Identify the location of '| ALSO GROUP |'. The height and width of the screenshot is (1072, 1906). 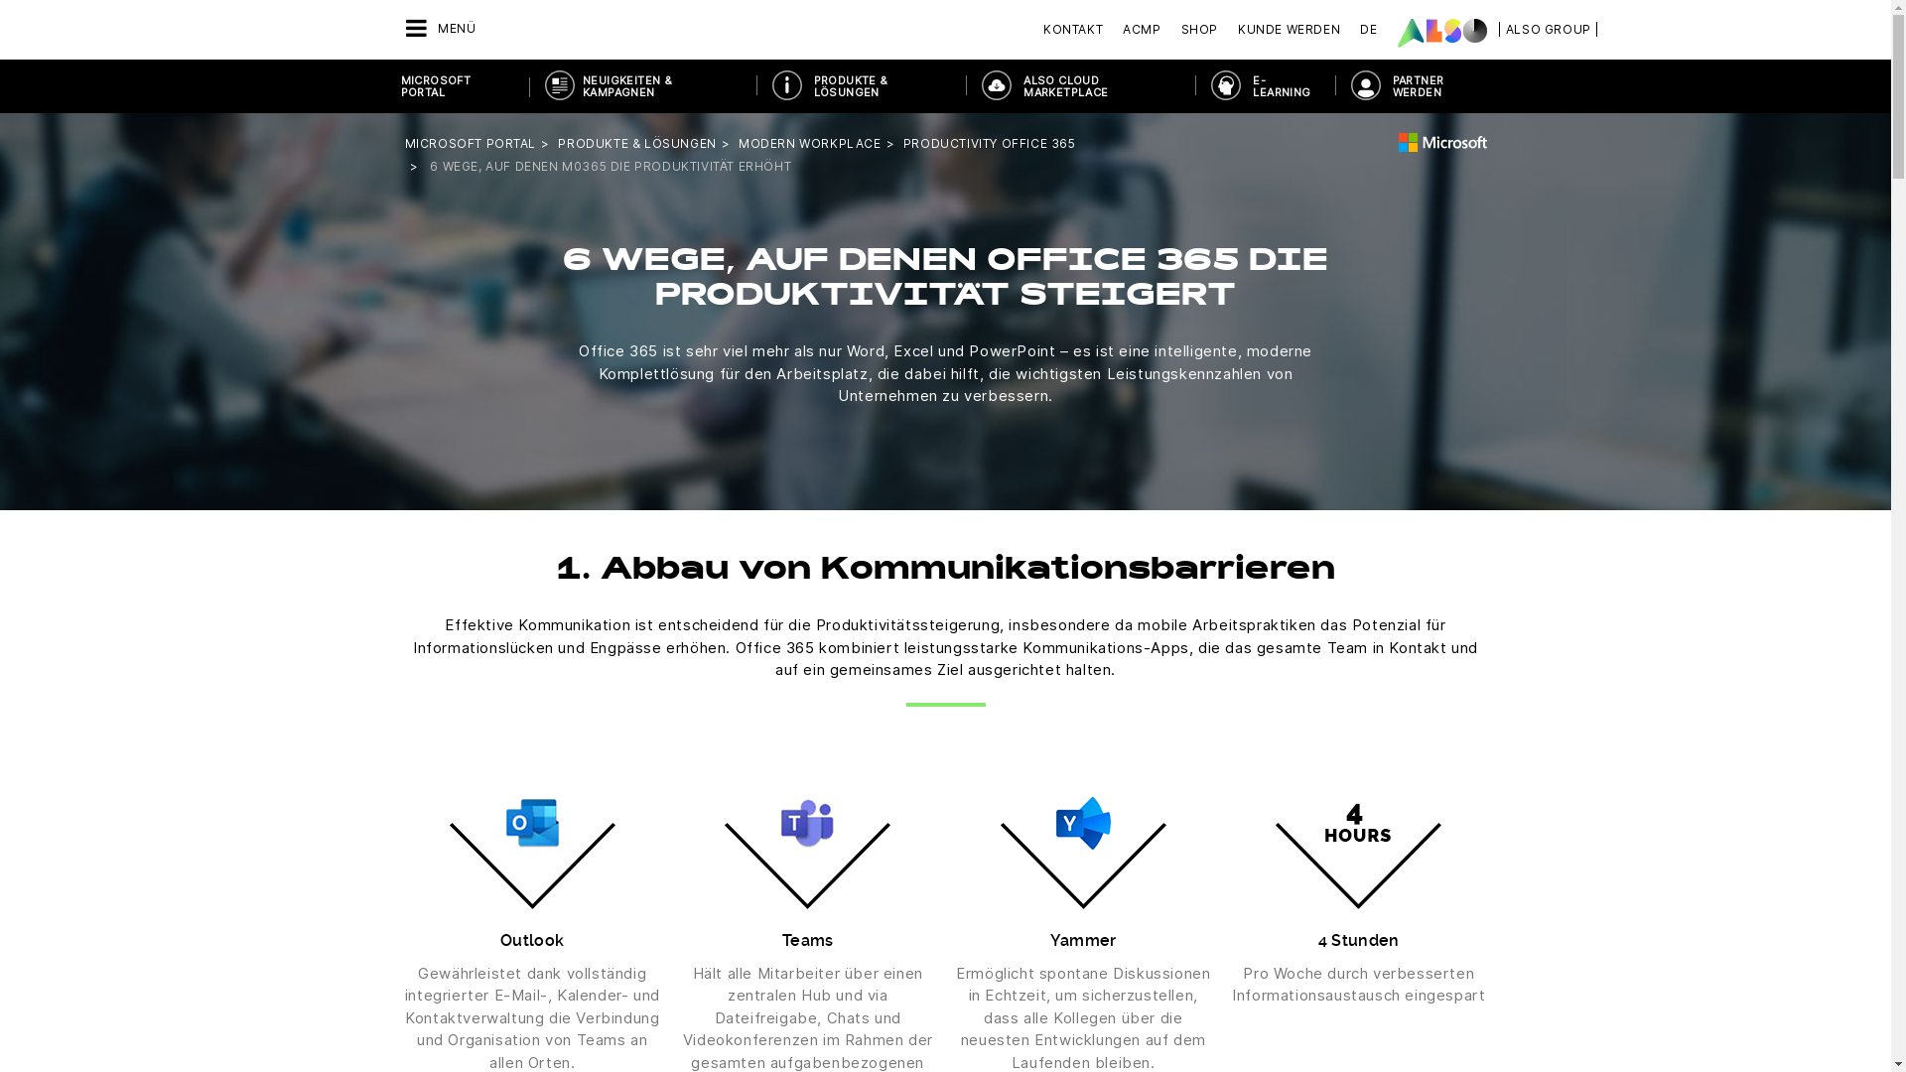
(1548, 30).